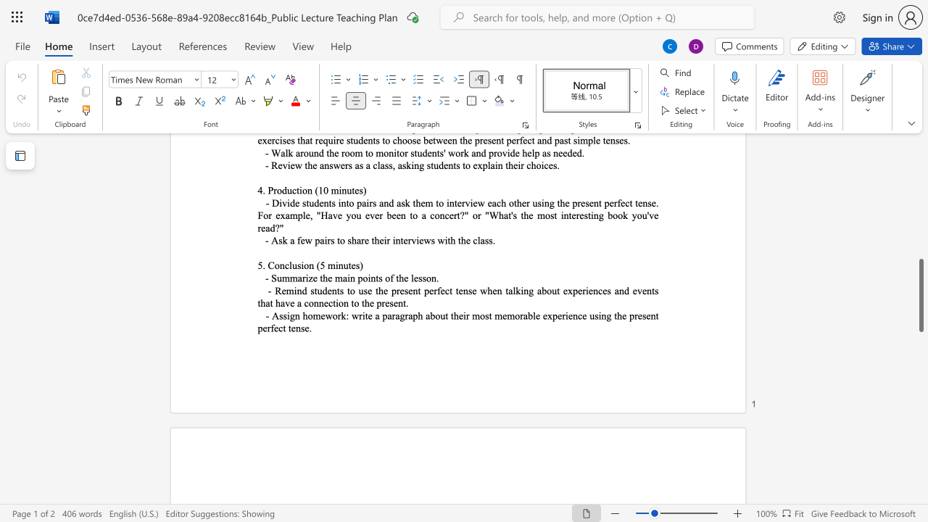 The height and width of the screenshot is (522, 928). What do you see at coordinates (920, 180) in the screenshot?
I see `the scrollbar to slide the page up` at bounding box center [920, 180].